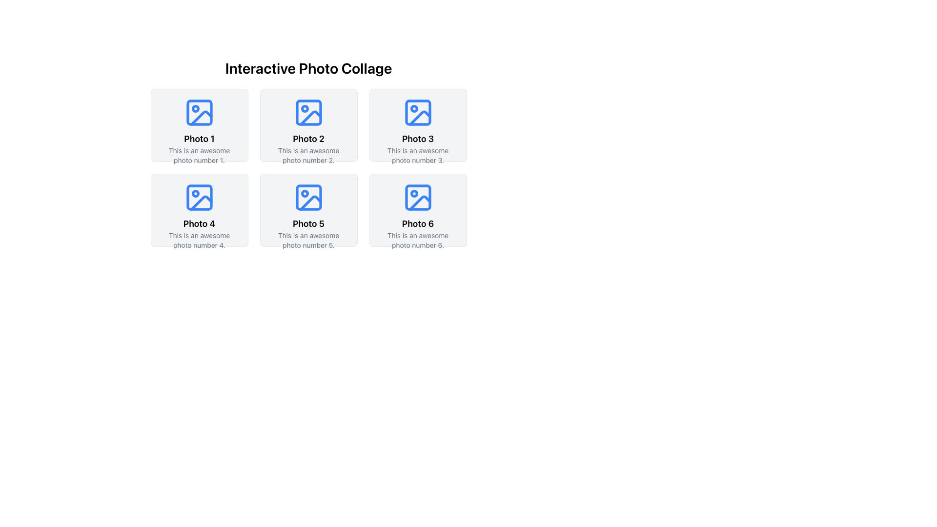 The height and width of the screenshot is (527, 937). I want to click on the image icon located in the fourth card of a grid, positioned in the second row and first column, so click(199, 198).